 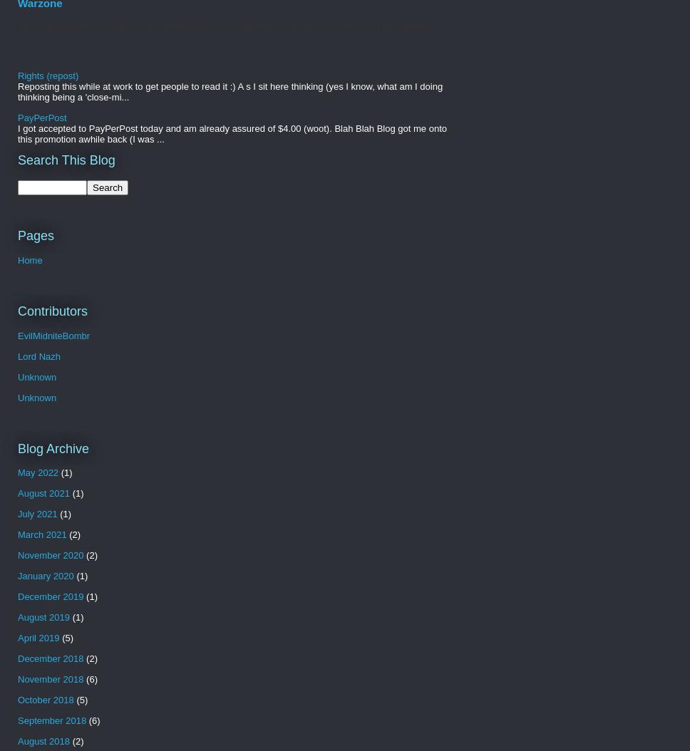 What do you see at coordinates (66, 159) in the screenshot?
I see `'Search This Blog'` at bounding box center [66, 159].